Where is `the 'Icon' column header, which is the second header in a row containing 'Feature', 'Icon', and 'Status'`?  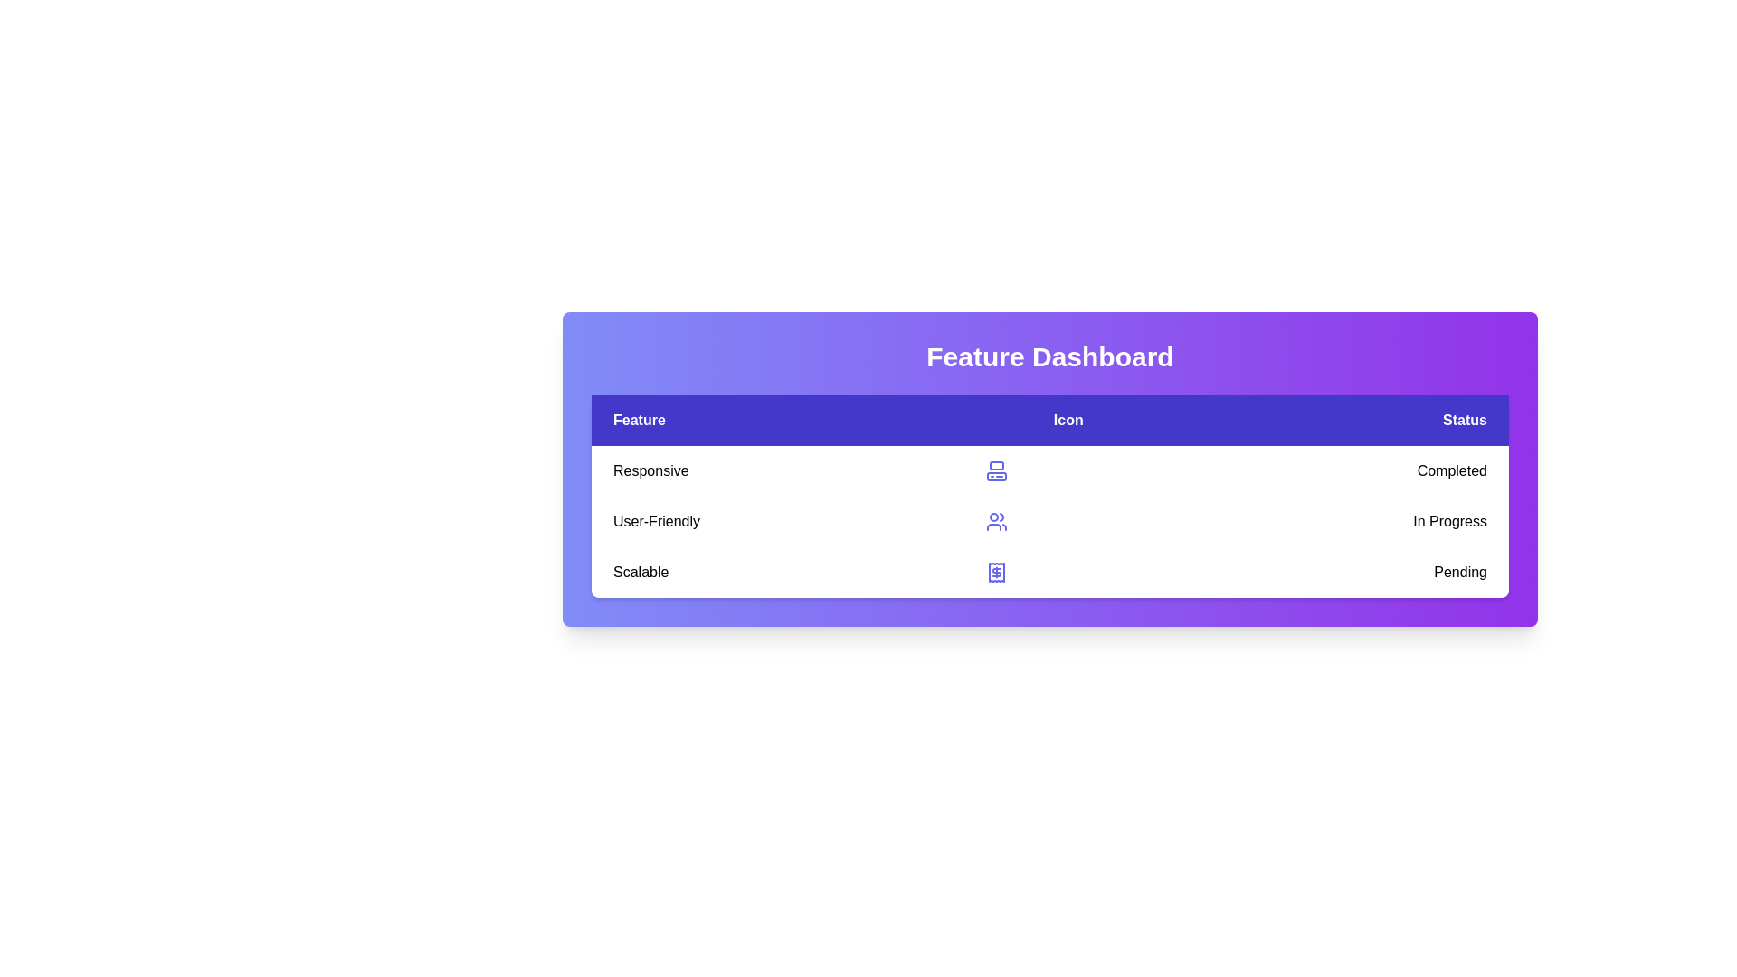 the 'Icon' column header, which is the second header in a row containing 'Feature', 'Icon', and 'Status' is located at coordinates (1068, 421).